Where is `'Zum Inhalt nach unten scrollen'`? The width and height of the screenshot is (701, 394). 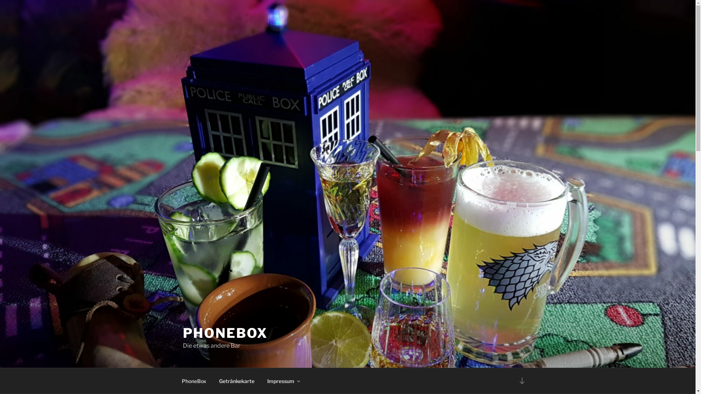 'Zum Inhalt nach unten scrollen' is located at coordinates (521, 380).